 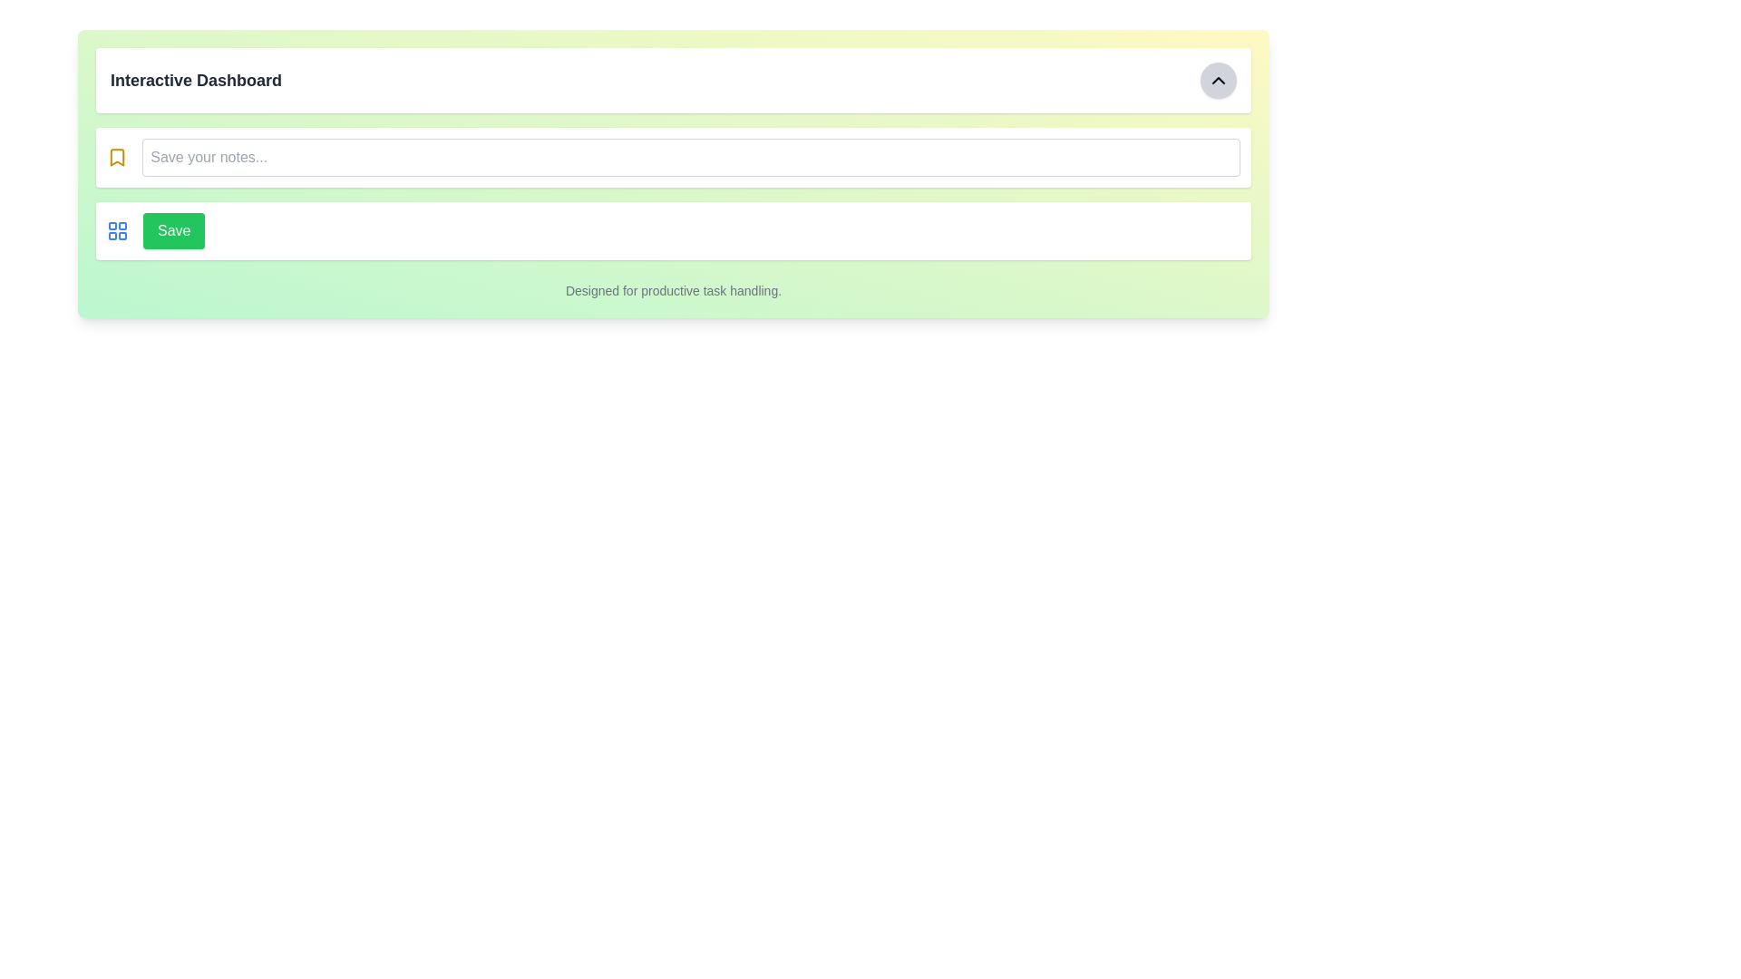 What do you see at coordinates (174, 229) in the screenshot?
I see `the save button located to the right of the grid icon in the lower part of the dashboard interface` at bounding box center [174, 229].